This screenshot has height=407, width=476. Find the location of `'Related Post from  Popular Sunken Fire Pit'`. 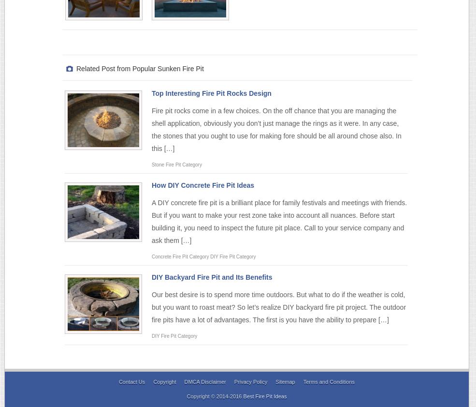

'Related Post from  Popular Sunken Fire Pit' is located at coordinates (76, 68).